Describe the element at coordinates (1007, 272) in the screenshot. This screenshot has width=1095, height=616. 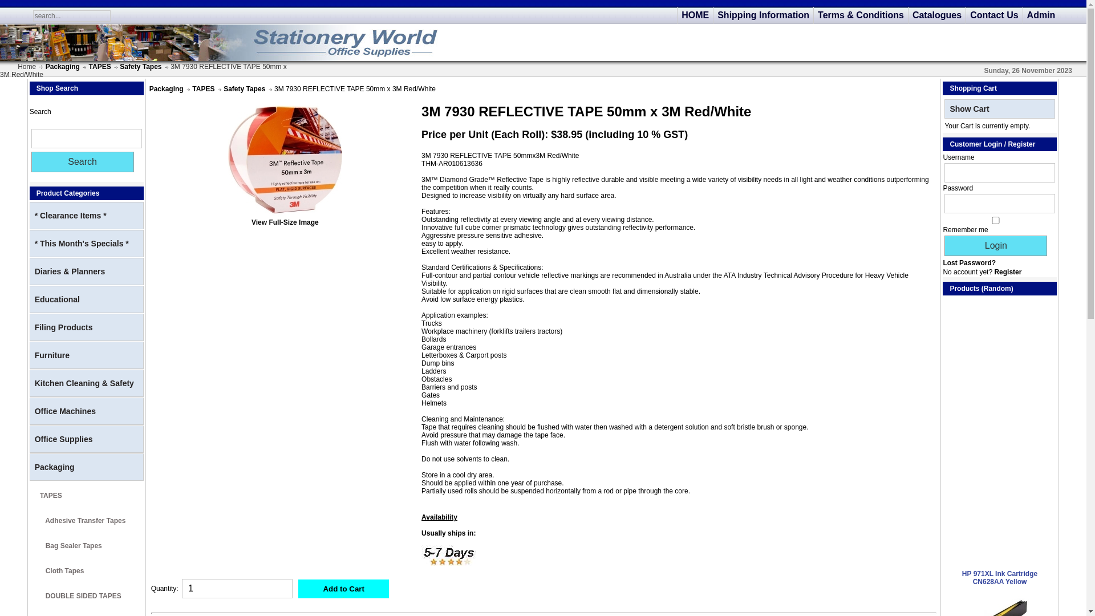
I see `'Register'` at that location.